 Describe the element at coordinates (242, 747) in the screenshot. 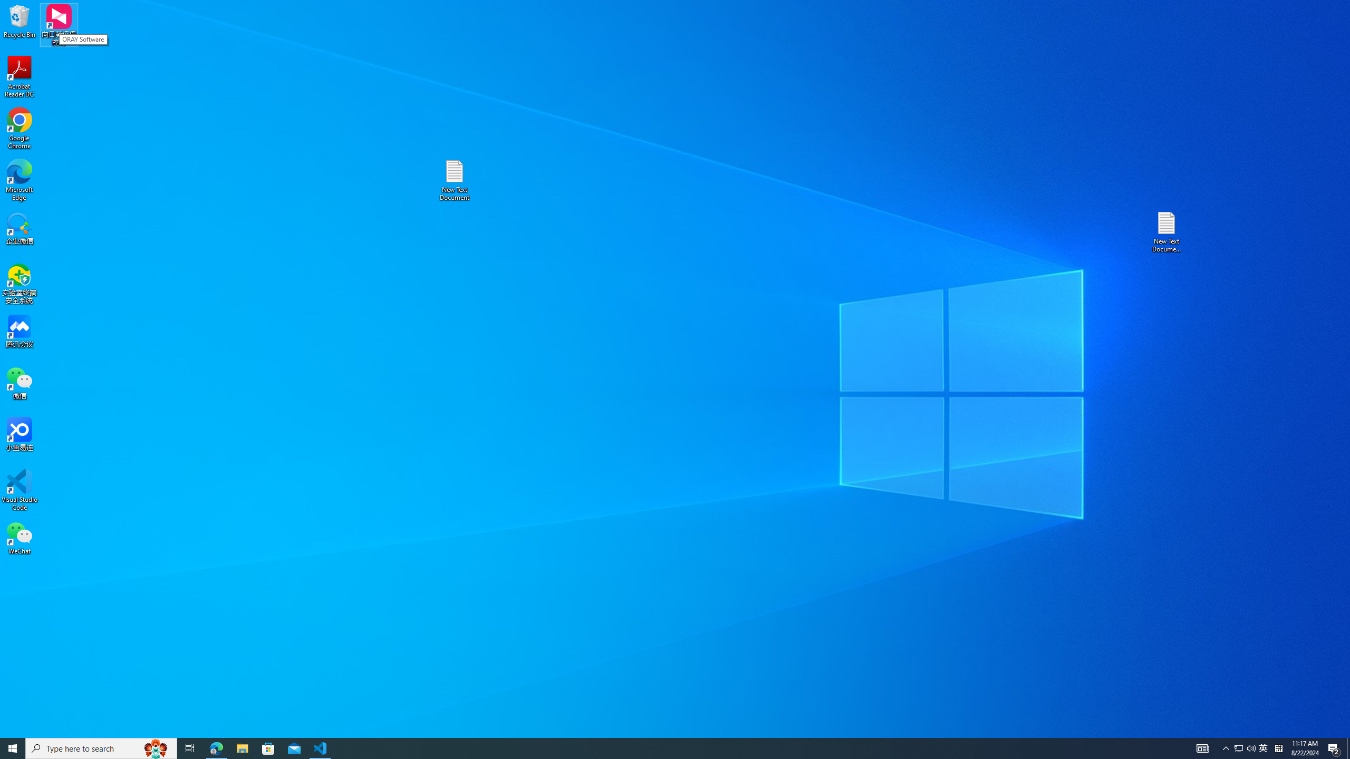

I see `'File Explorer'` at that location.